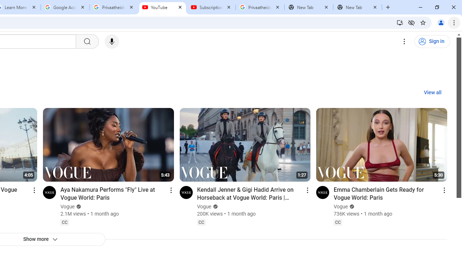  What do you see at coordinates (404, 42) in the screenshot?
I see `'Settings'` at bounding box center [404, 42].